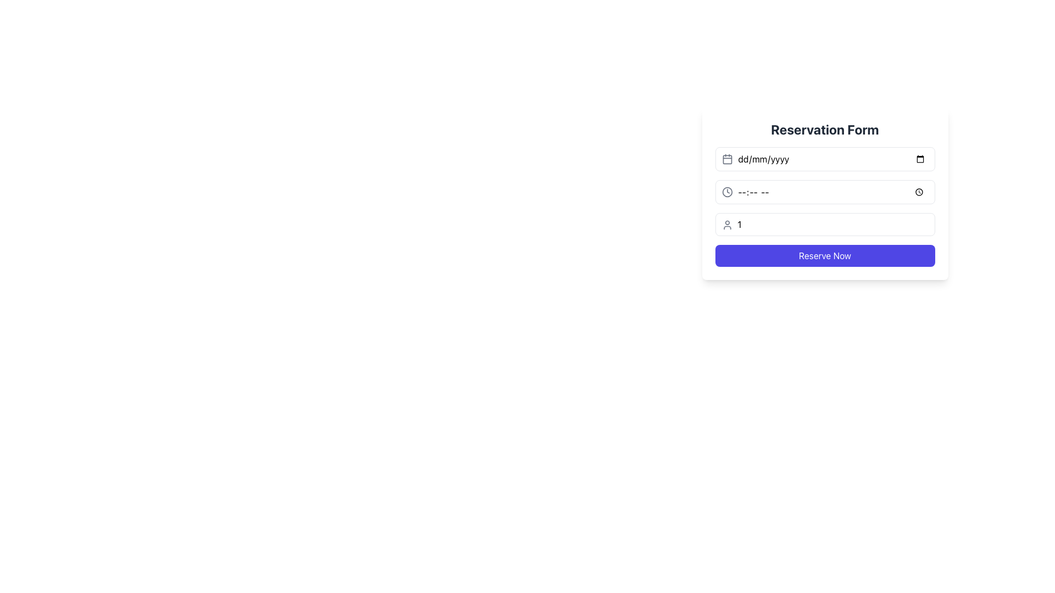  I want to click on the Circle (SVG component) inside the clock icon, which indicates time selection functionality in the form's time input field, so click(727, 192).